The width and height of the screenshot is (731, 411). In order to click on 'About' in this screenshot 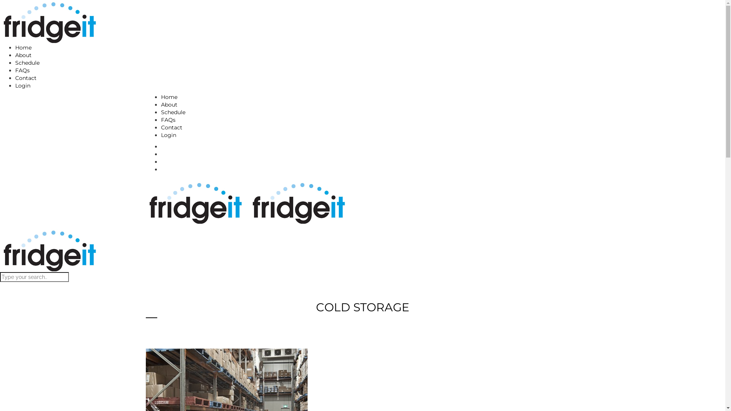, I will do `click(168, 104)`.